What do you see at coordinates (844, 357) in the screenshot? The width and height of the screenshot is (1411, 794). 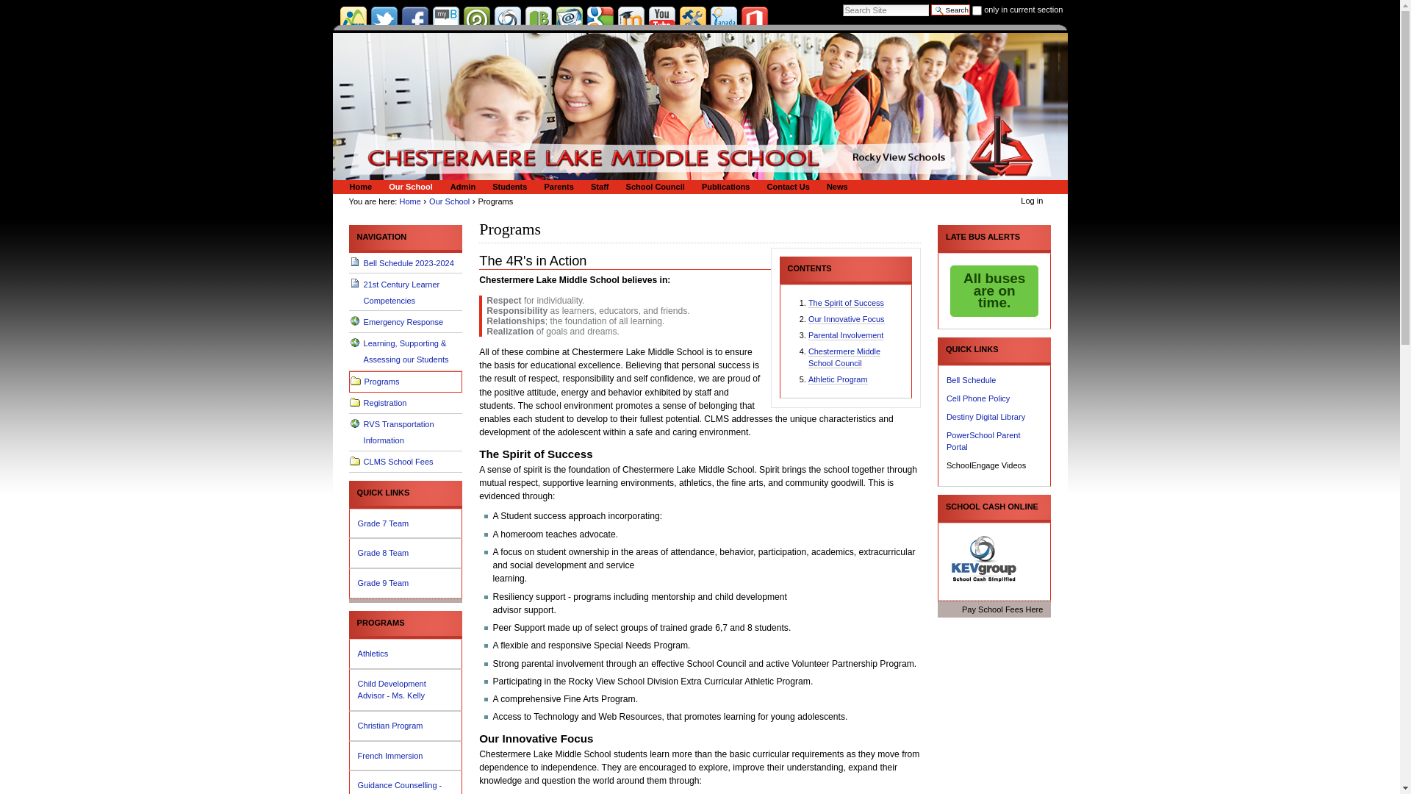 I see `'Chestermere Middle School Council'` at bounding box center [844, 357].